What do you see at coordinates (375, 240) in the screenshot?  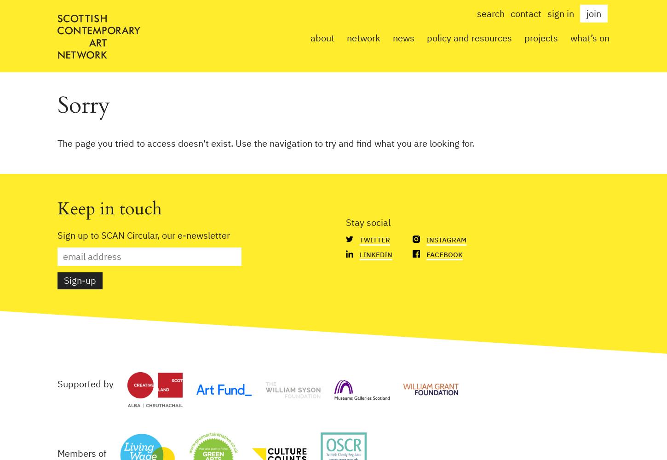 I see `'Twitter'` at bounding box center [375, 240].